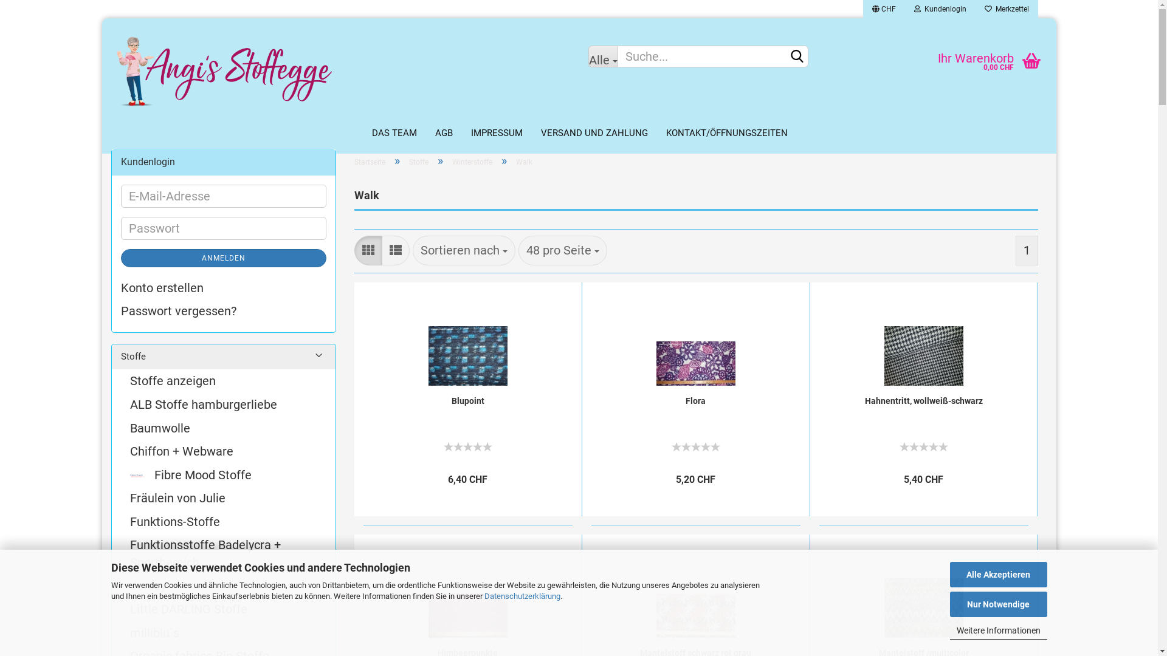 This screenshot has height=656, width=1167. Describe the element at coordinates (222, 310) in the screenshot. I see `'Passwort vergessen?'` at that location.